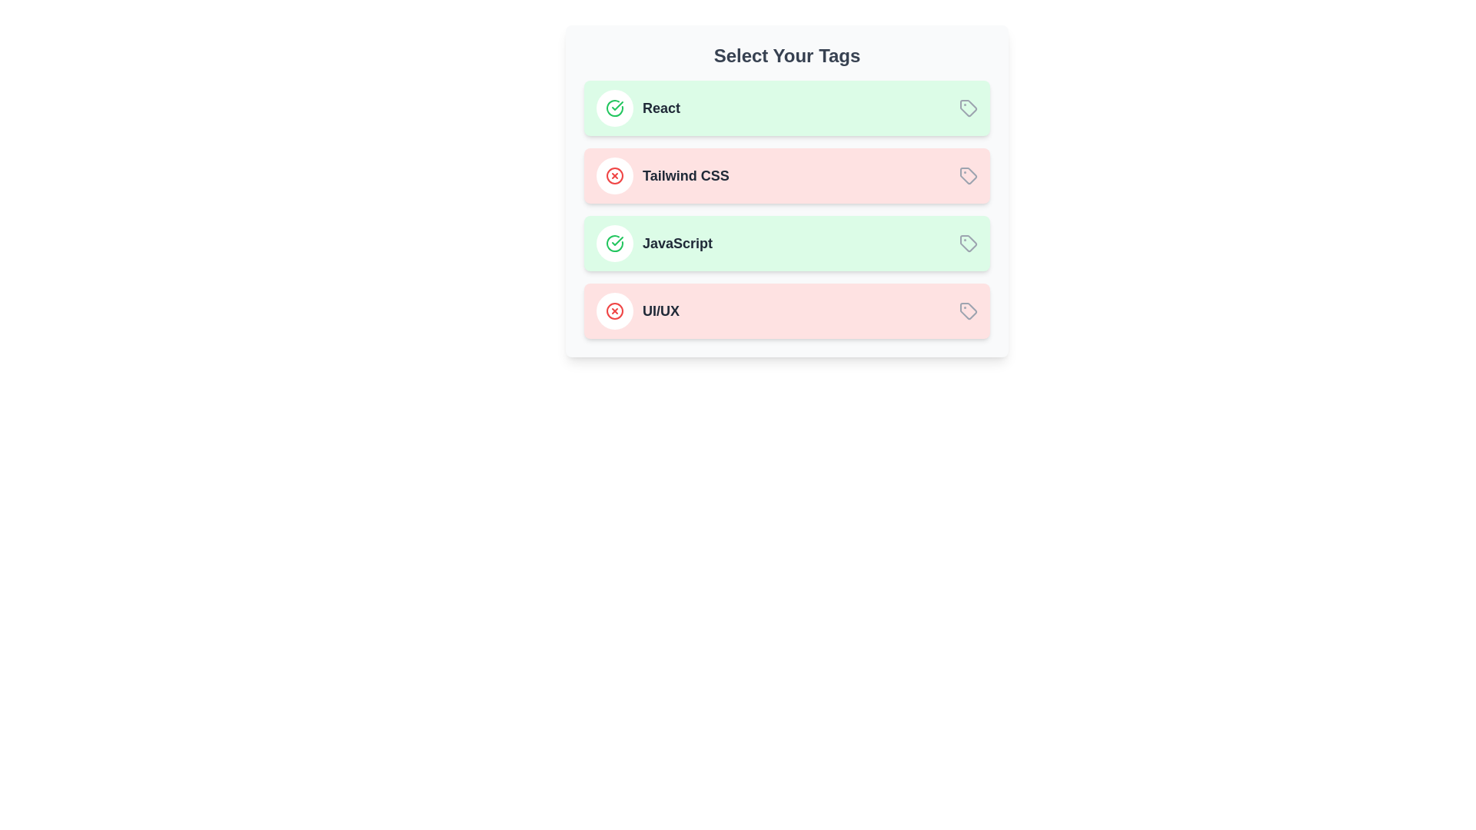 The width and height of the screenshot is (1476, 830). I want to click on the 'JavaScript' selectable button, which is a horizontally elongated green button with rounded corners and a shadow effect, located between the 'Tailwind CSS' button and the 'UI/UX' button, so click(786, 242).